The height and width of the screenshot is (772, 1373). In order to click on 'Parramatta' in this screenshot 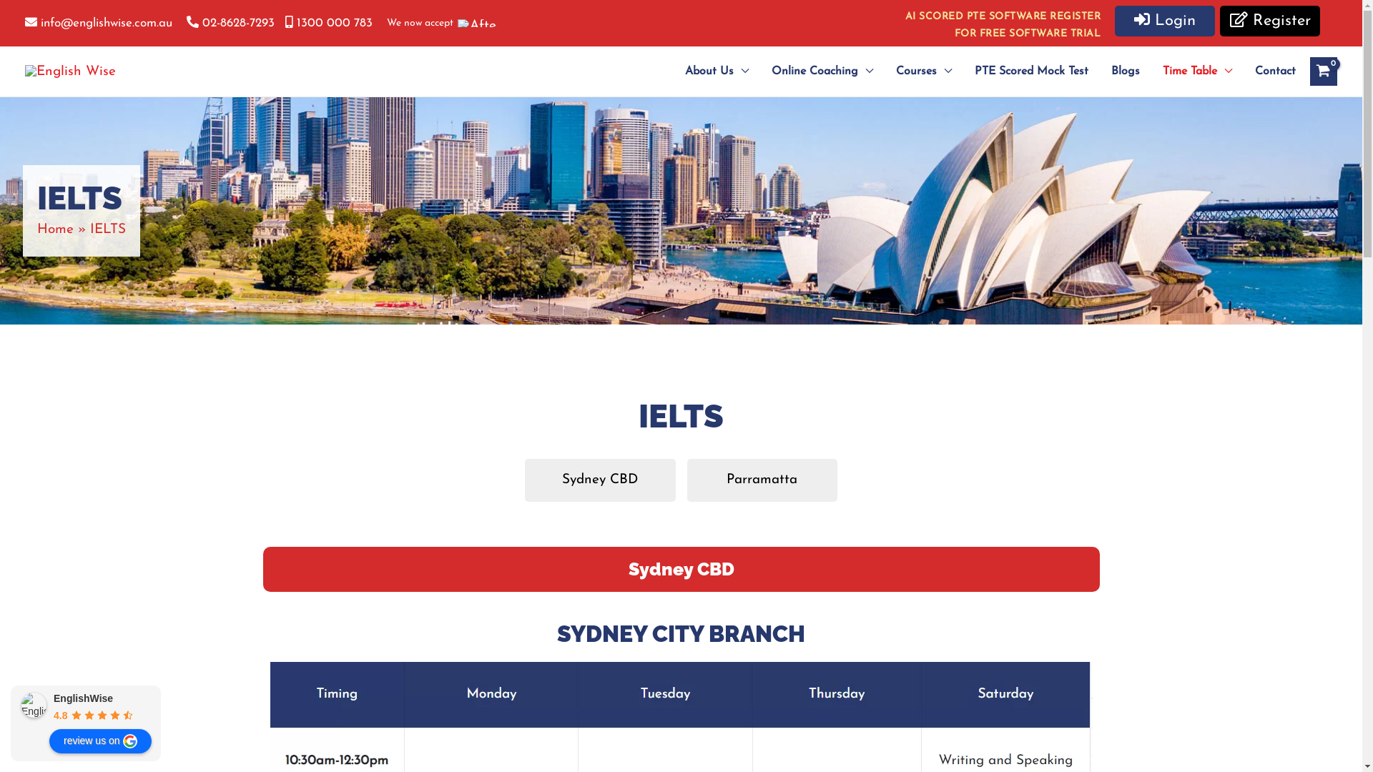, I will do `click(761, 480)`.